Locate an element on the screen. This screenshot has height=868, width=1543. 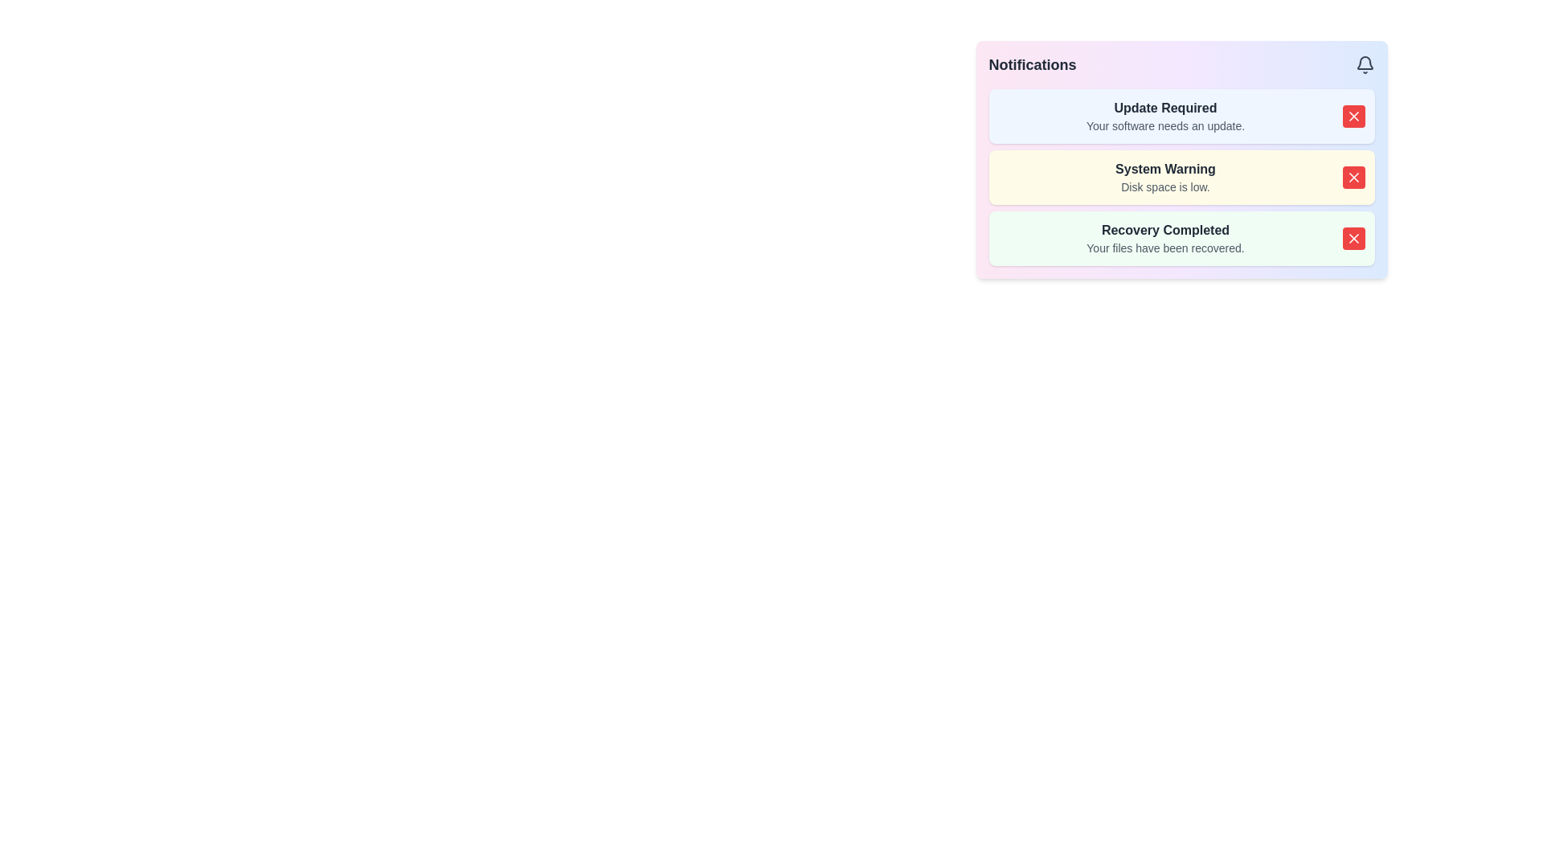
text content of the 'System Warning' label displayed in bold, dark gray font within the middle notification card of the notification panel is located at coordinates (1165, 170).